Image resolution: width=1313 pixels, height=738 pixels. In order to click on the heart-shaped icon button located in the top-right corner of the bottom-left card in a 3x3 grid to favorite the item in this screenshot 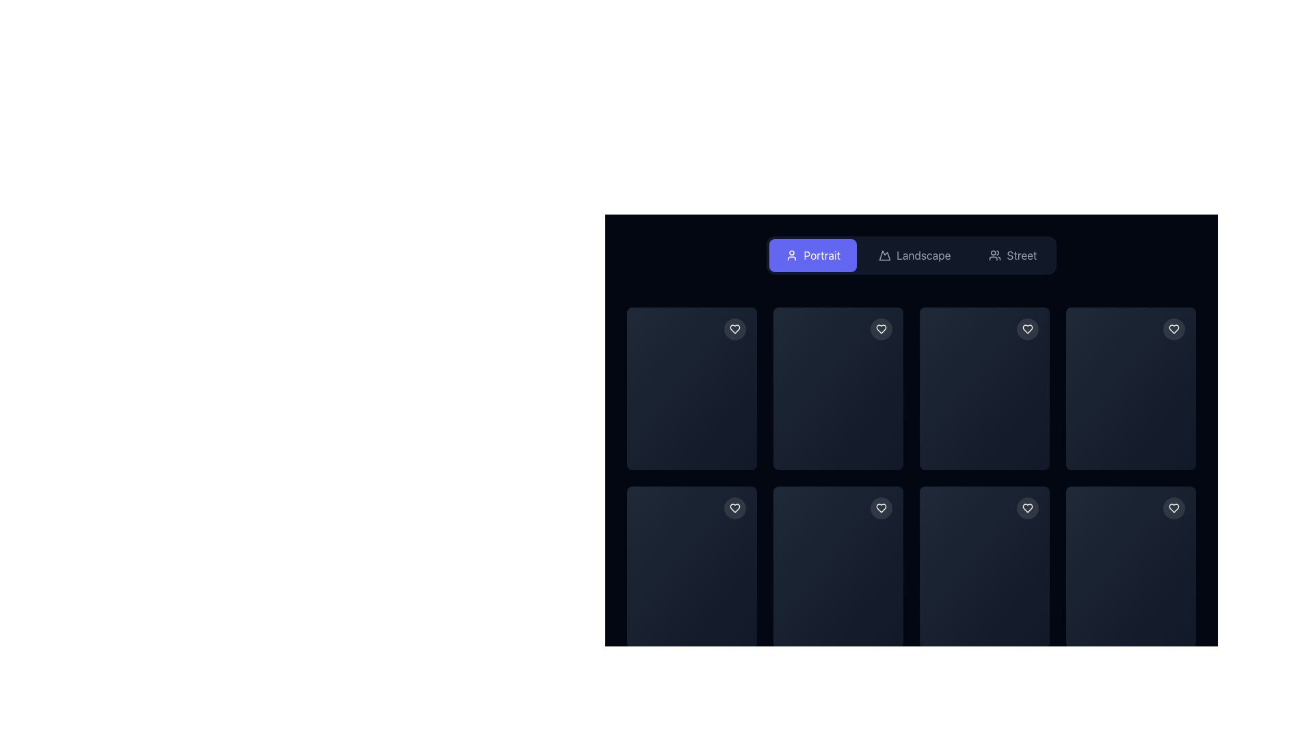, I will do `click(734, 508)`.